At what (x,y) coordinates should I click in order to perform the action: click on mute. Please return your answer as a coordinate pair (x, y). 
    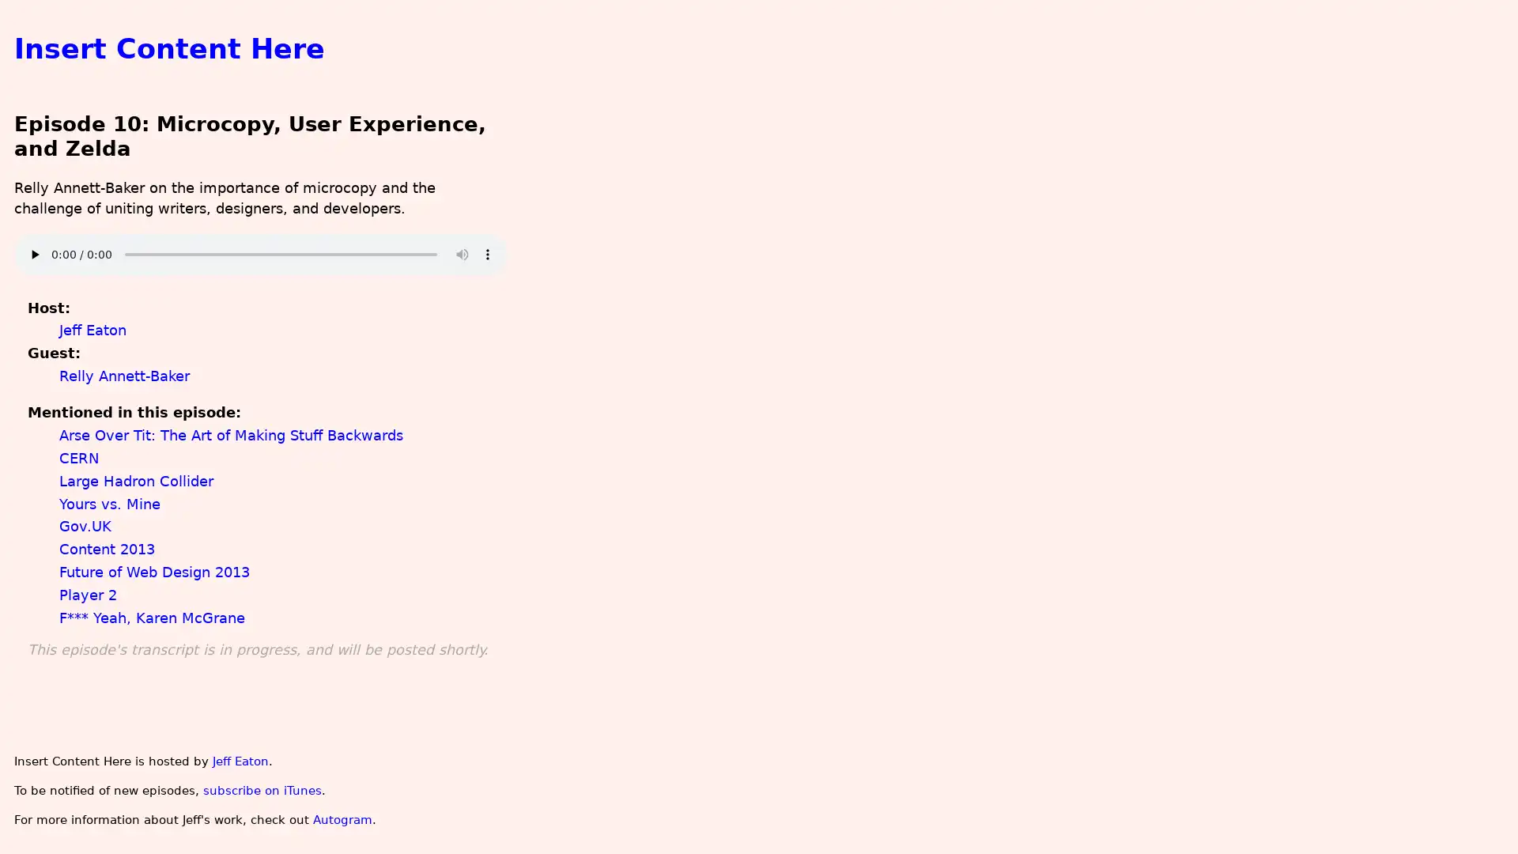
    Looking at the image, I should click on (461, 253).